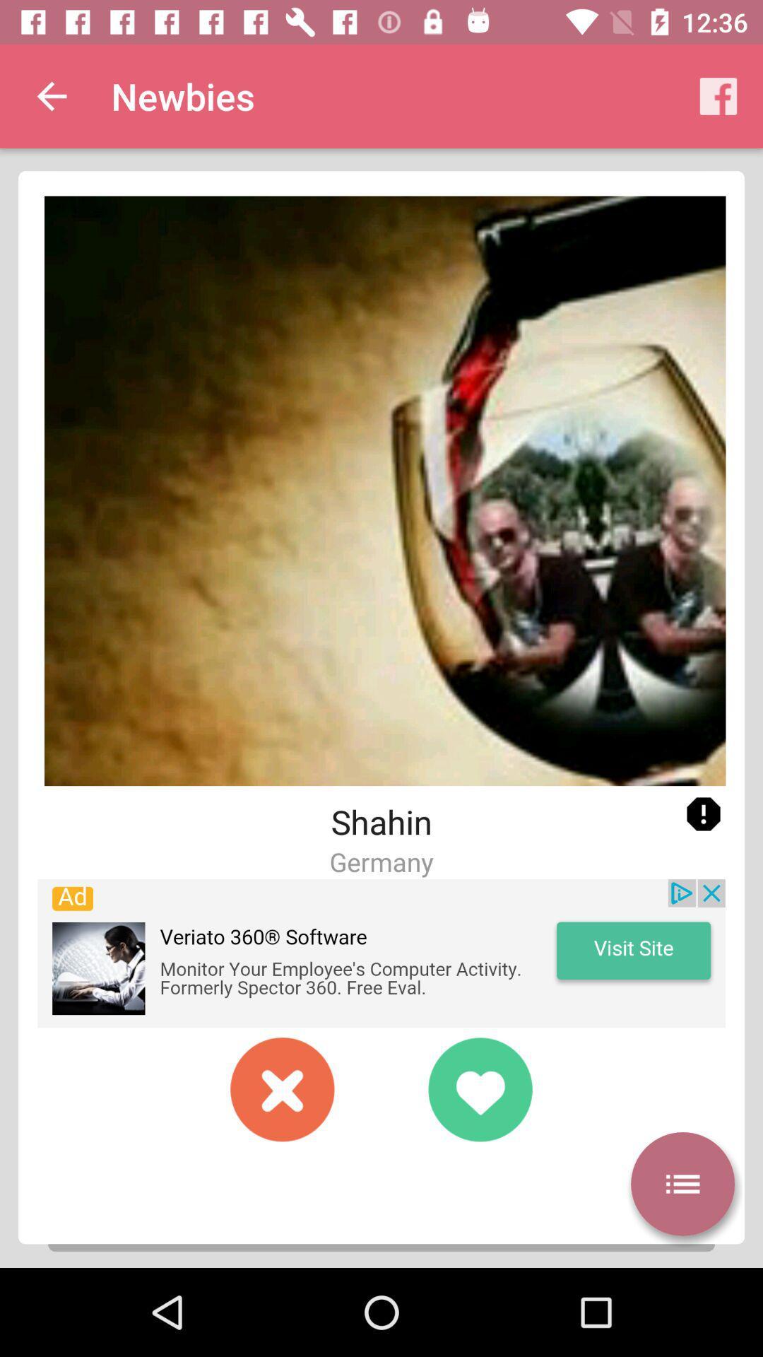  I want to click on to make is favorite, so click(479, 1088).